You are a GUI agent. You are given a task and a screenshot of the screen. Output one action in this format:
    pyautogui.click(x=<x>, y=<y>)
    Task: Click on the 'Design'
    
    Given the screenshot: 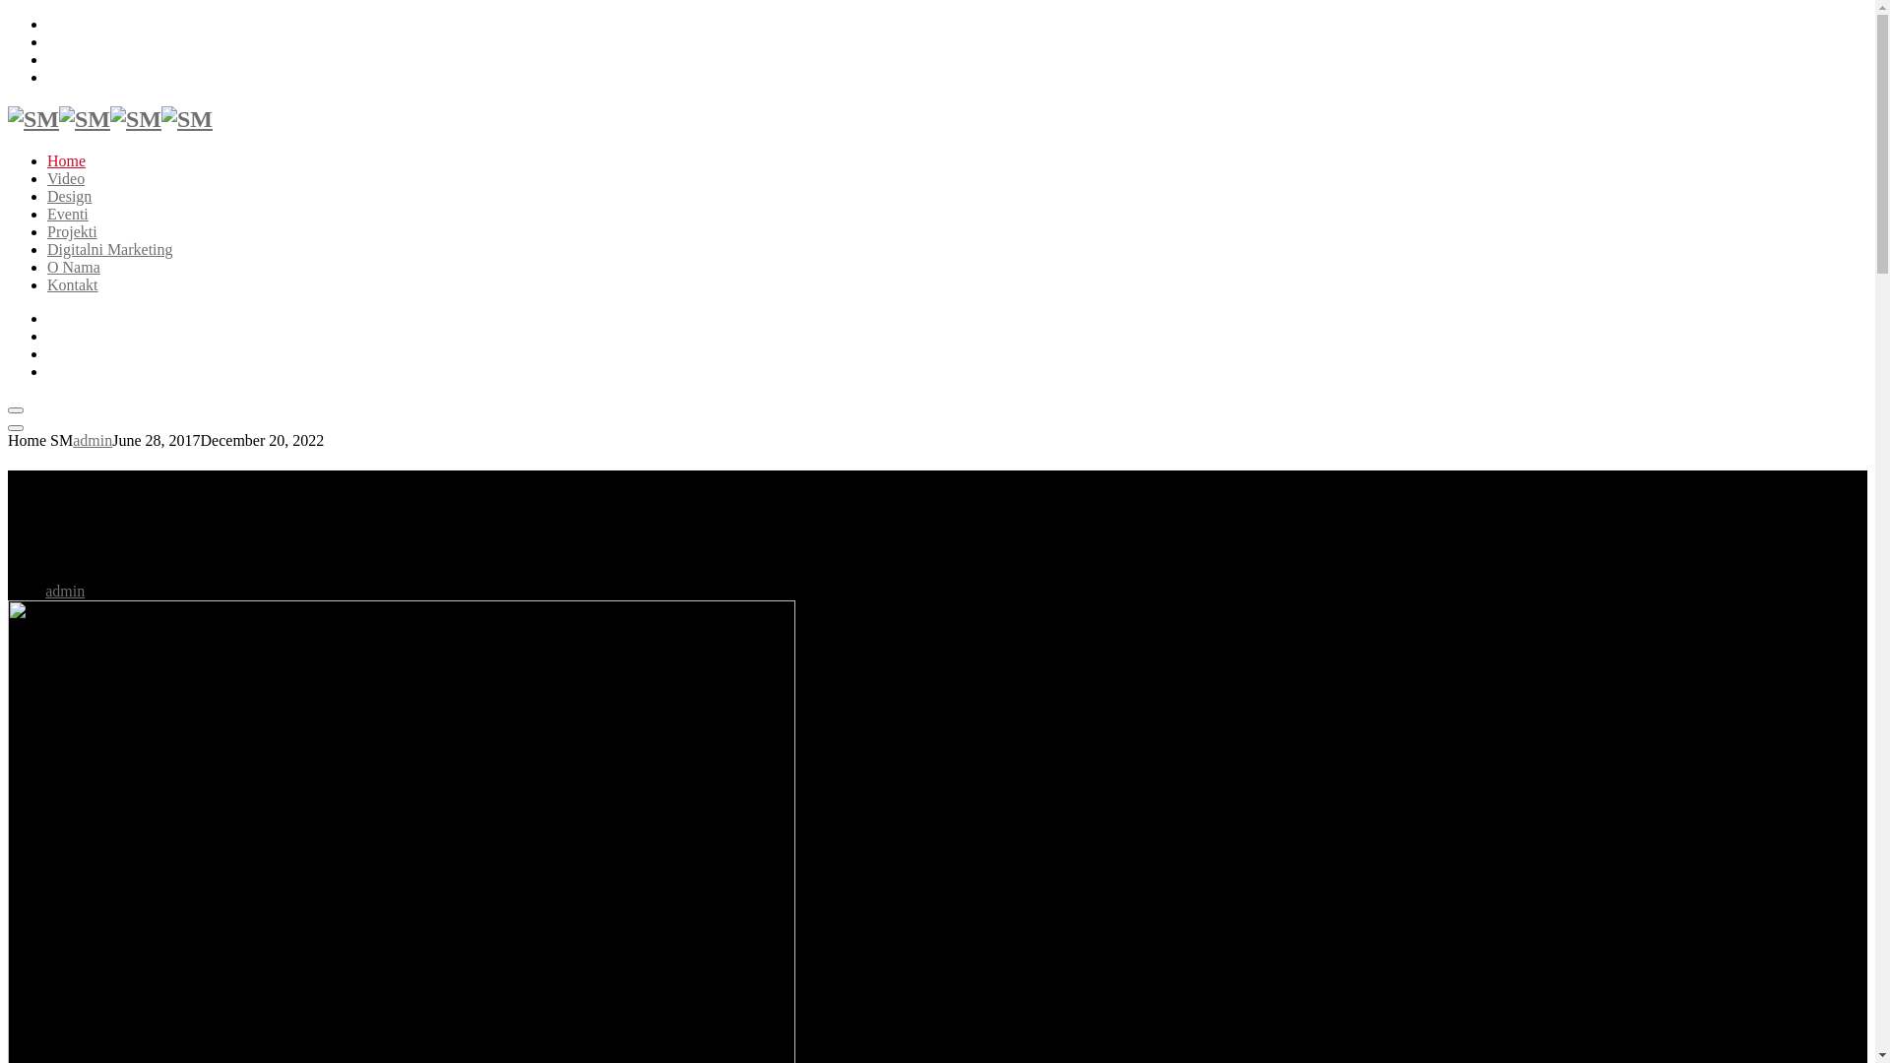 What is the action you would take?
    pyautogui.click(x=69, y=196)
    